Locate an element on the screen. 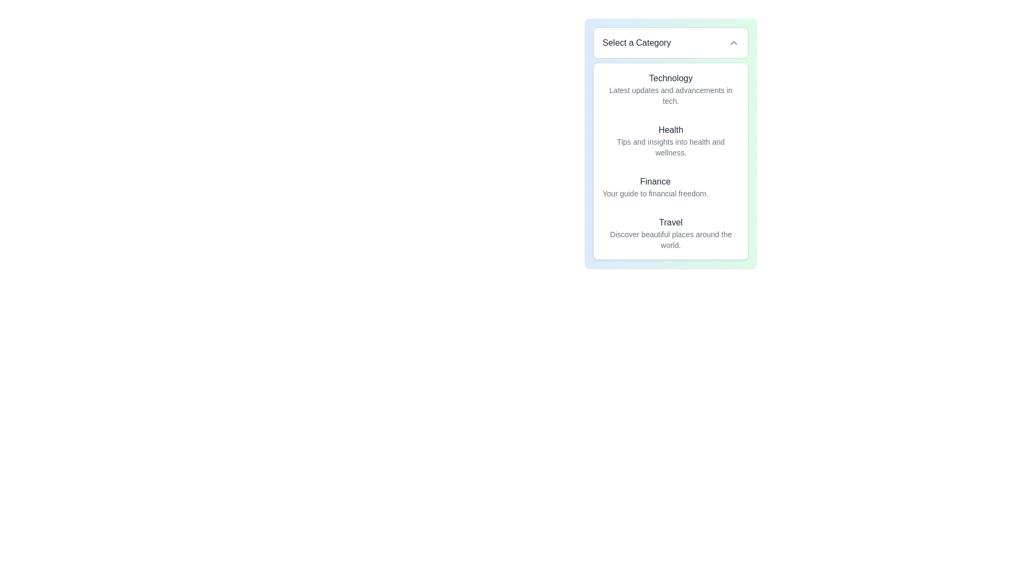 The width and height of the screenshot is (1033, 581). the text label displaying 'Travel' which is the fourth item in the vertical list of categories under 'Select a Category.' is located at coordinates (670, 222).